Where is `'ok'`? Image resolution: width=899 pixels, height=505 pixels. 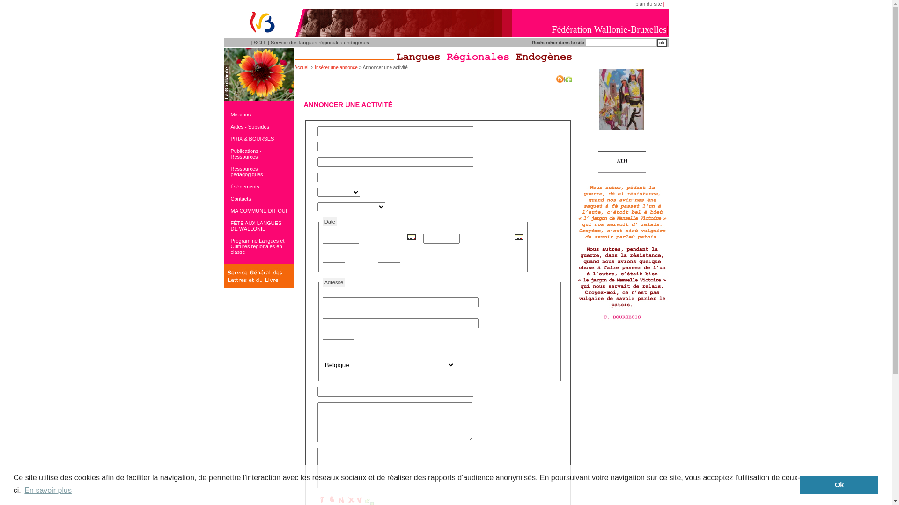 'ok' is located at coordinates (656, 43).